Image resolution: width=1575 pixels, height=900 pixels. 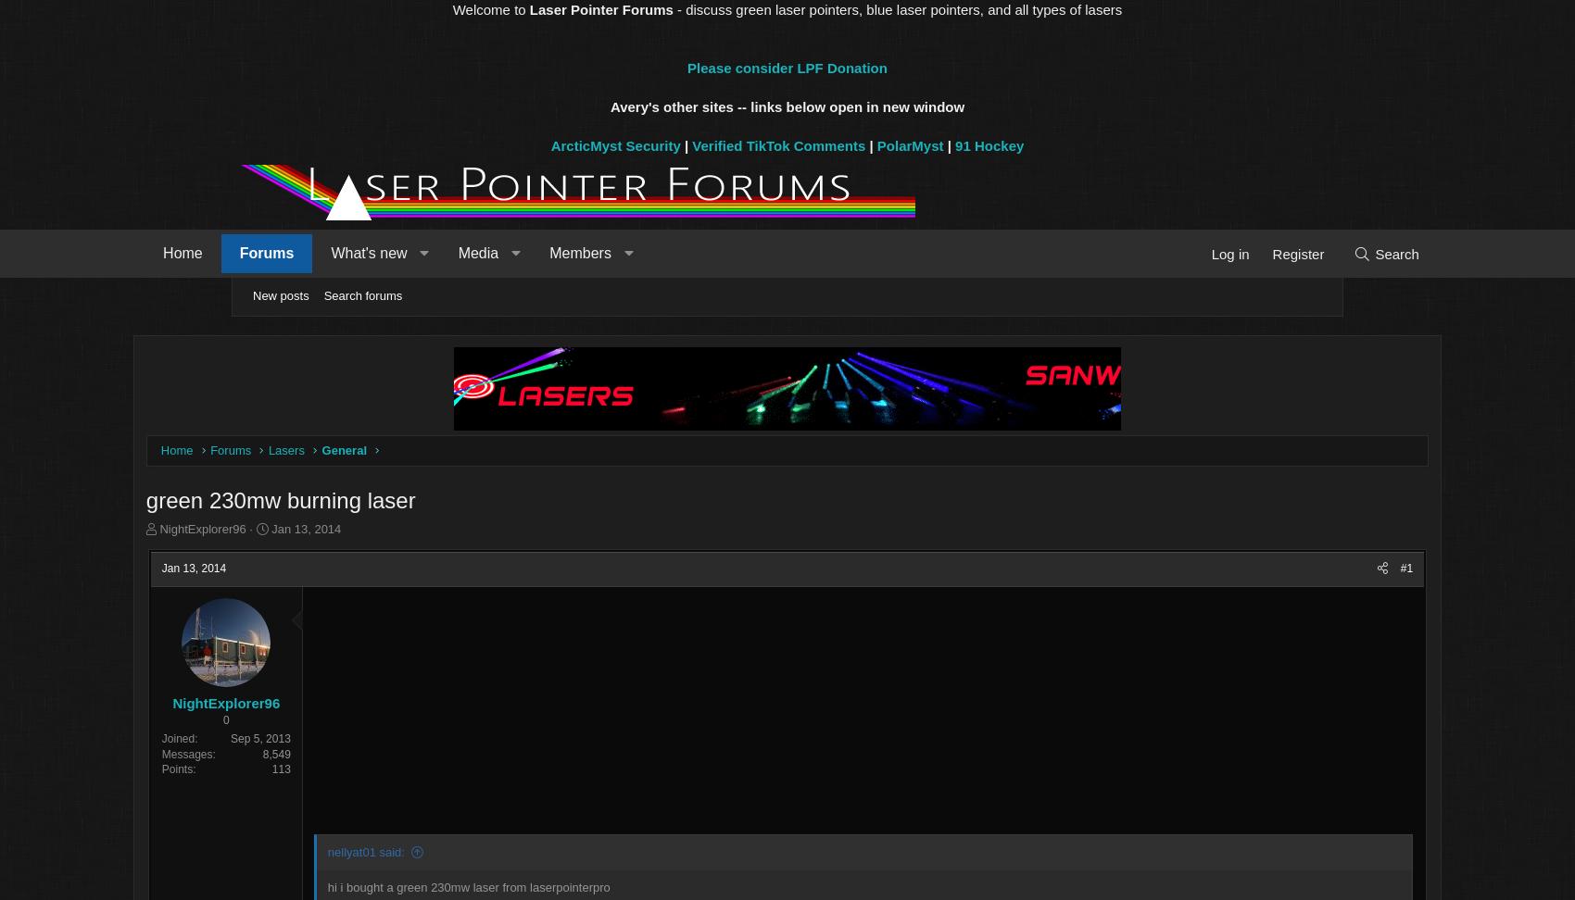 I want to click on 'Register', so click(x=1201, y=254).